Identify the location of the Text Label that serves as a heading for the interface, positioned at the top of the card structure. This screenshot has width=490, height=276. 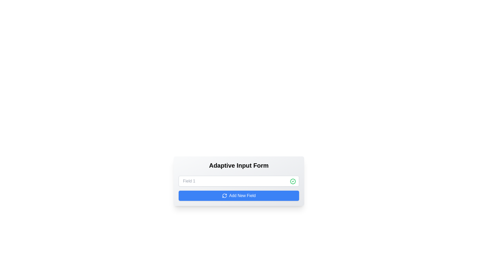
(239, 166).